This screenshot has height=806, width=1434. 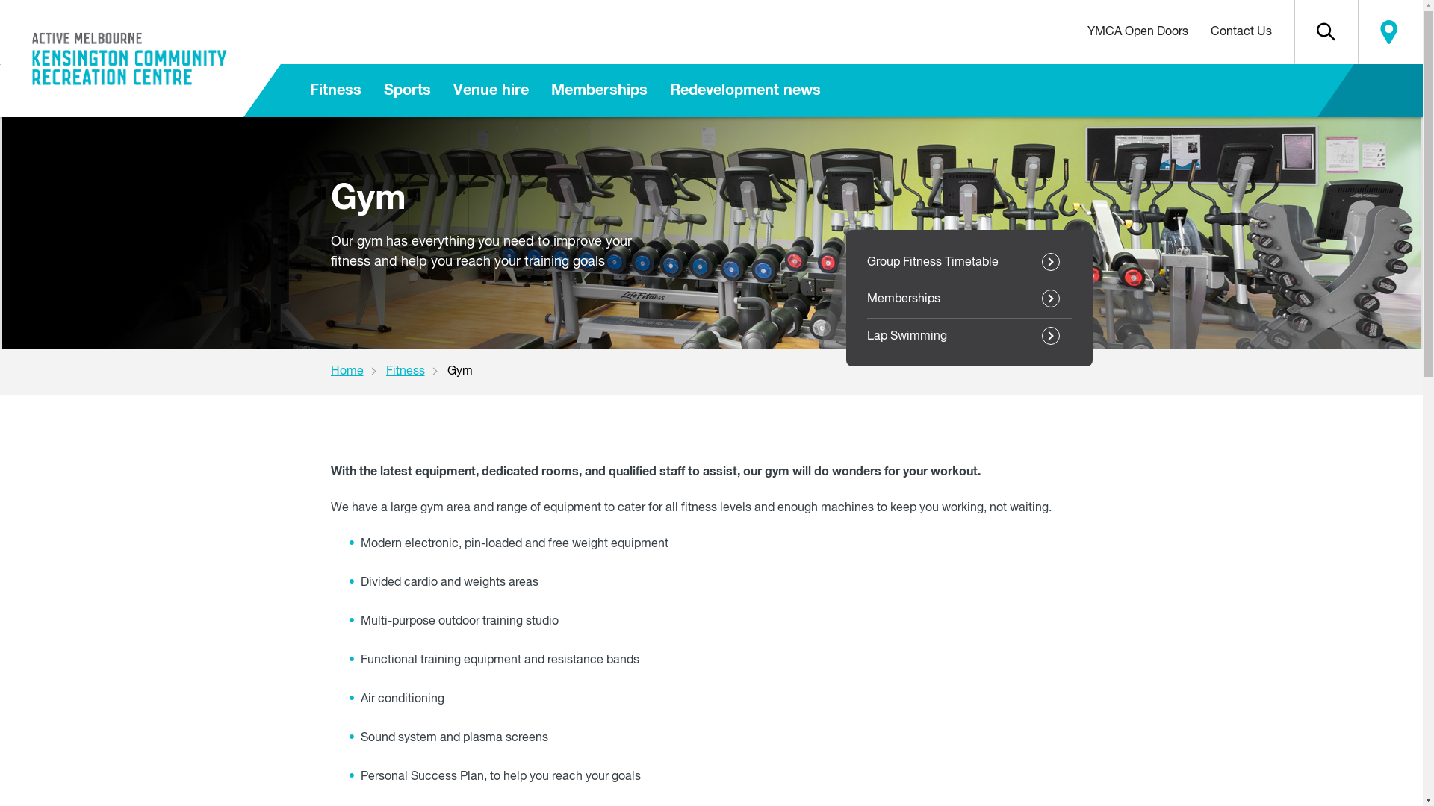 I want to click on 'Memberships', so click(x=866, y=299).